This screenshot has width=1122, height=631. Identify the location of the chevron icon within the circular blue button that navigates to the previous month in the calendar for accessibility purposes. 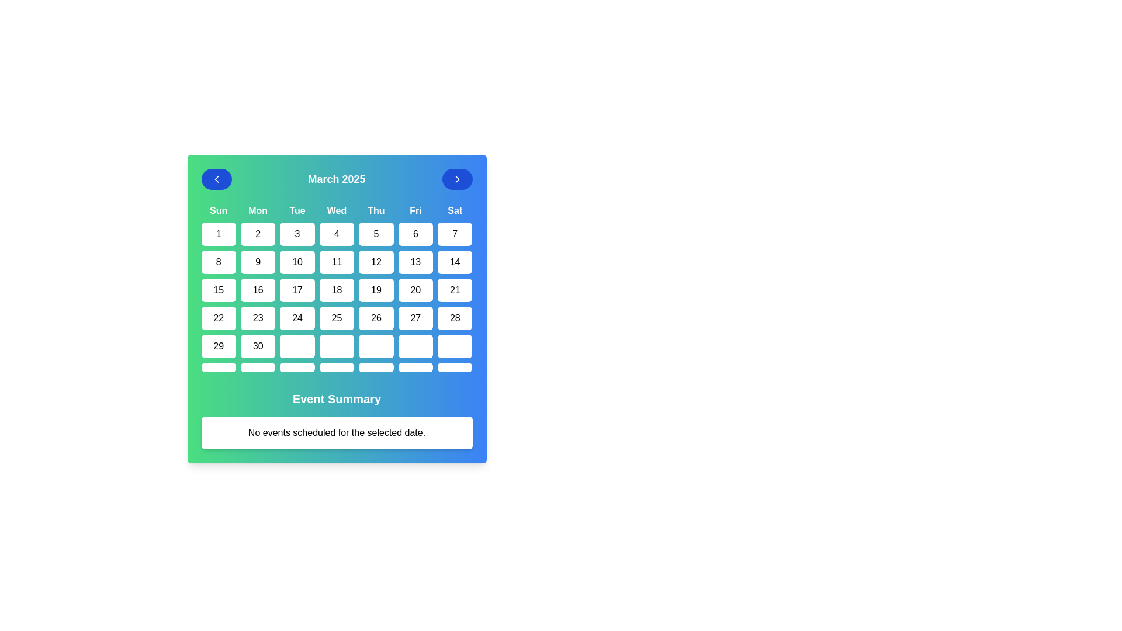
(216, 179).